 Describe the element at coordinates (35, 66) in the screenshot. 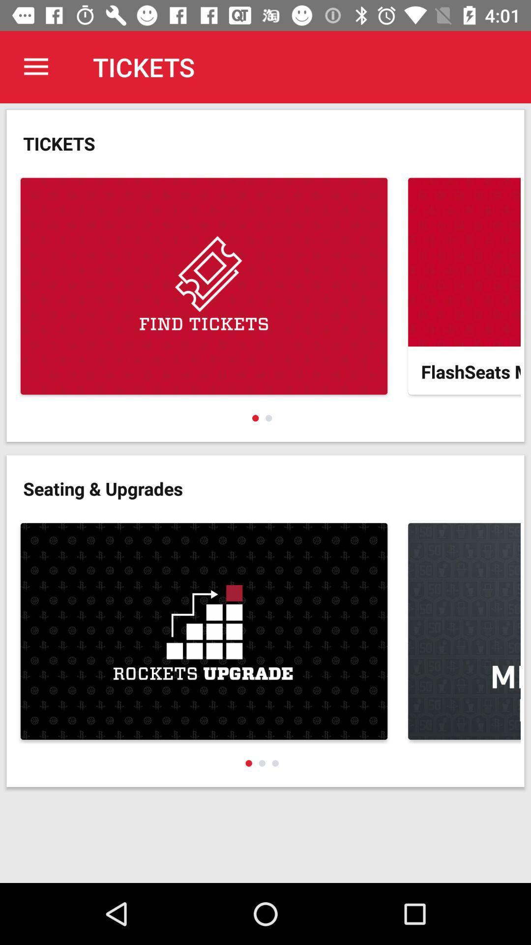

I see `the icon above tickets item` at that location.